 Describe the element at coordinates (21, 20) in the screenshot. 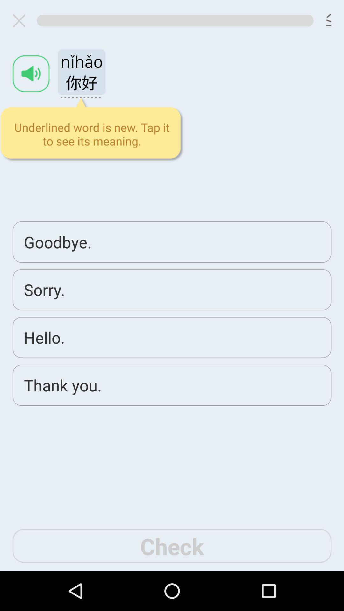

I see `page` at that location.